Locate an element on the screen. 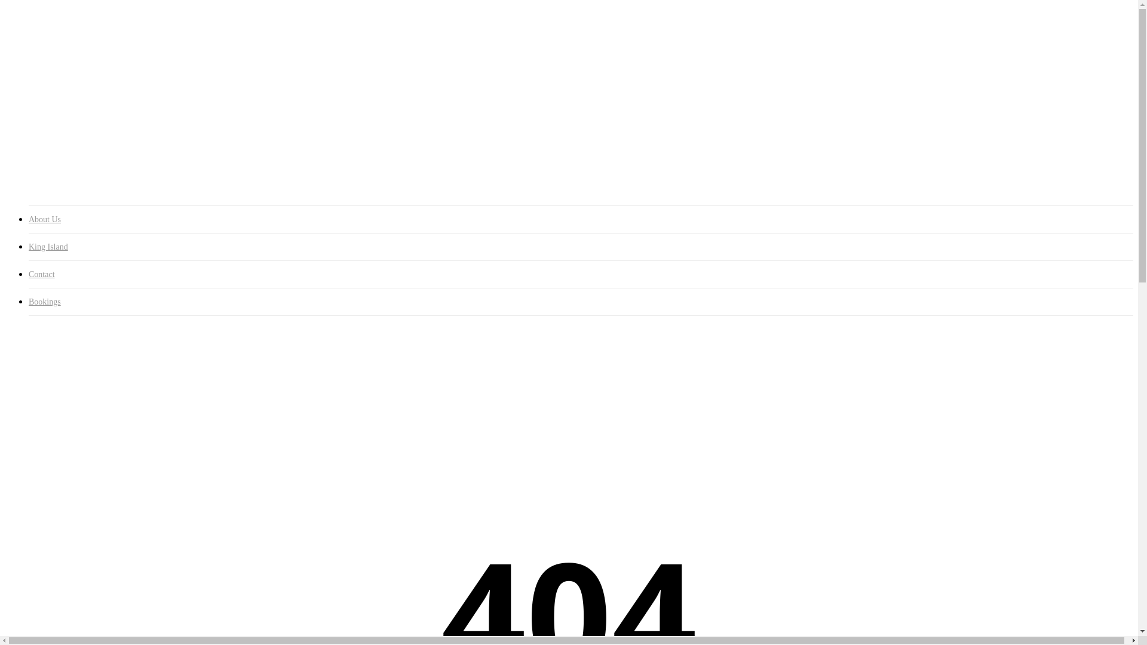 Image resolution: width=1147 pixels, height=645 pixels. 'Shore House' is located at coordinates (76, 73).